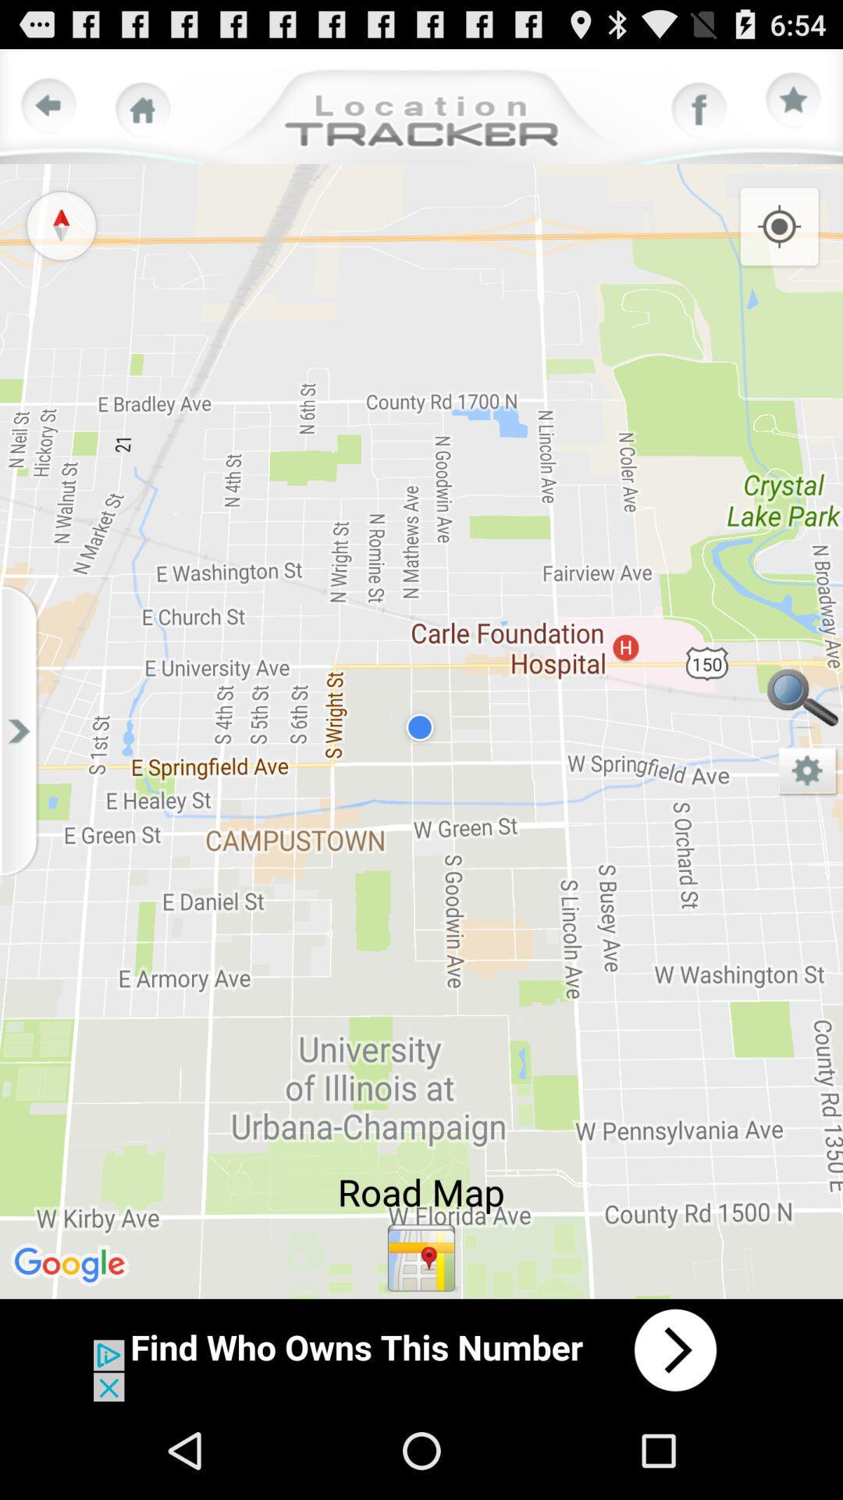  I want to click on previous, so click(48, 105).